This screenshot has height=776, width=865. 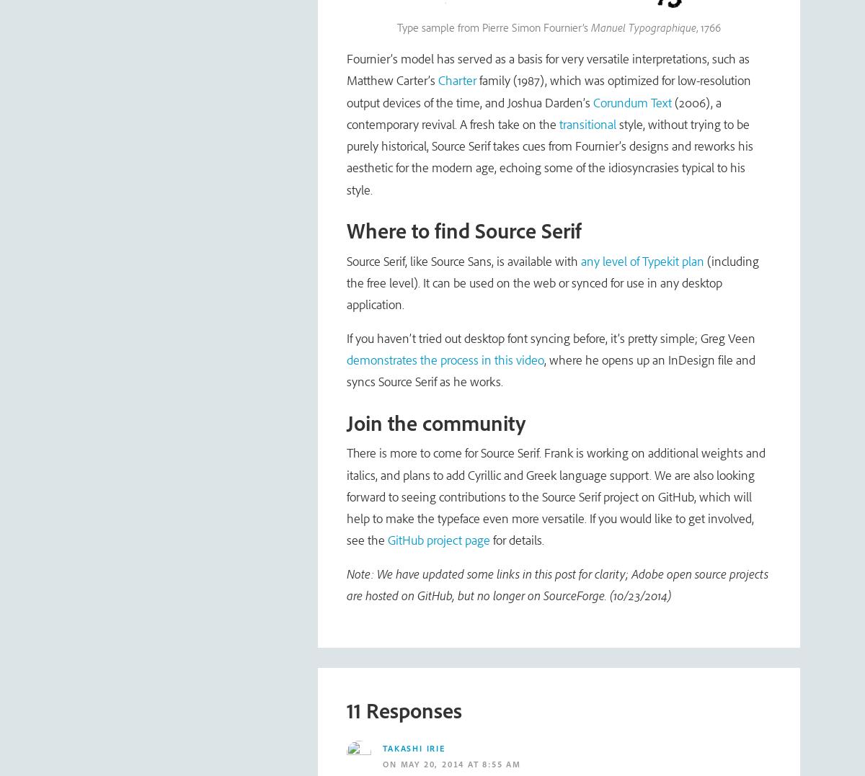 I want to click on '(2006), a contemporary revival. A fresh take on the', so click(x=345, y=112).